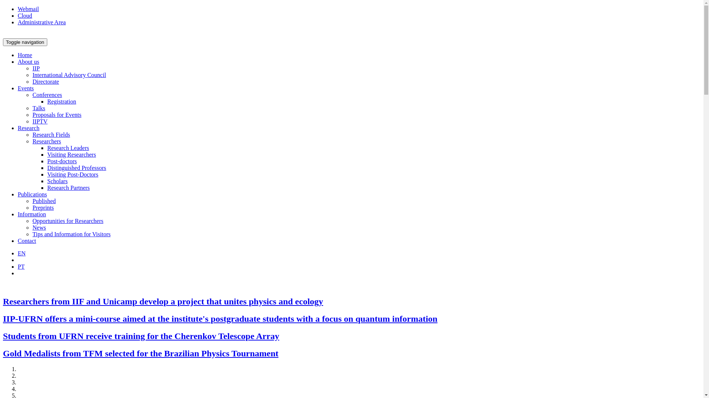 The height and width of the screenshot is (398, 709). I want to click on 'IIPTV', so click(40, 121).